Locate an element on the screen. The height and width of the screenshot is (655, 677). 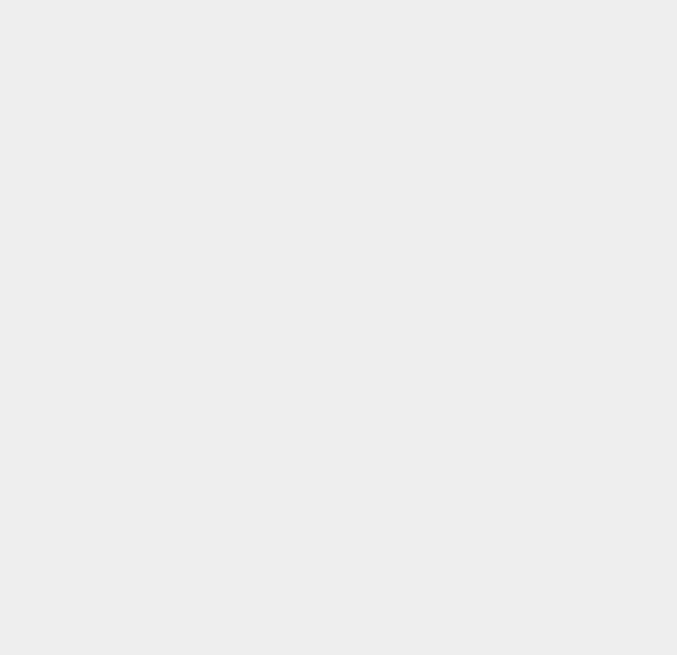
'Amazon Tablet' is located at coordinates (479, 97).